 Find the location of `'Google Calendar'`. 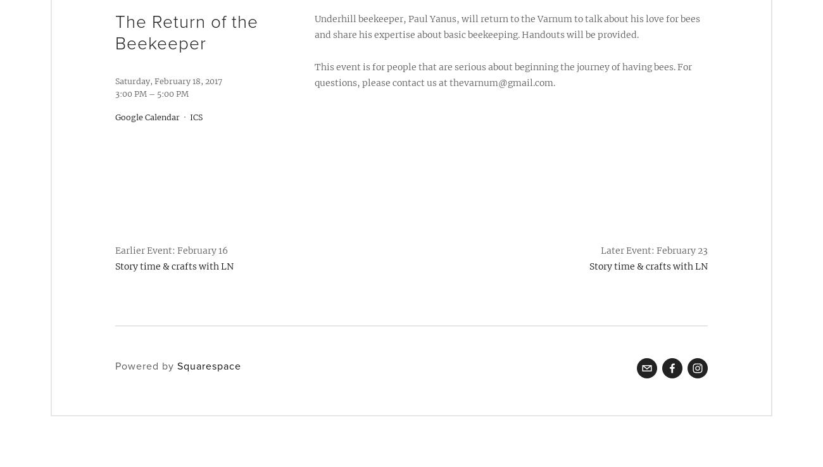

'Google Calendar' is located at coordinates (146, 116).